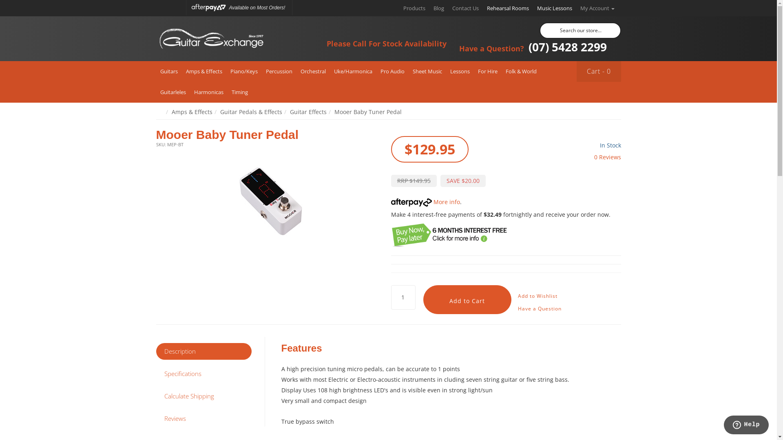 This screenshot has height=440, width=783. I want to click on 'Guitar Exchange', so click(211, 39).